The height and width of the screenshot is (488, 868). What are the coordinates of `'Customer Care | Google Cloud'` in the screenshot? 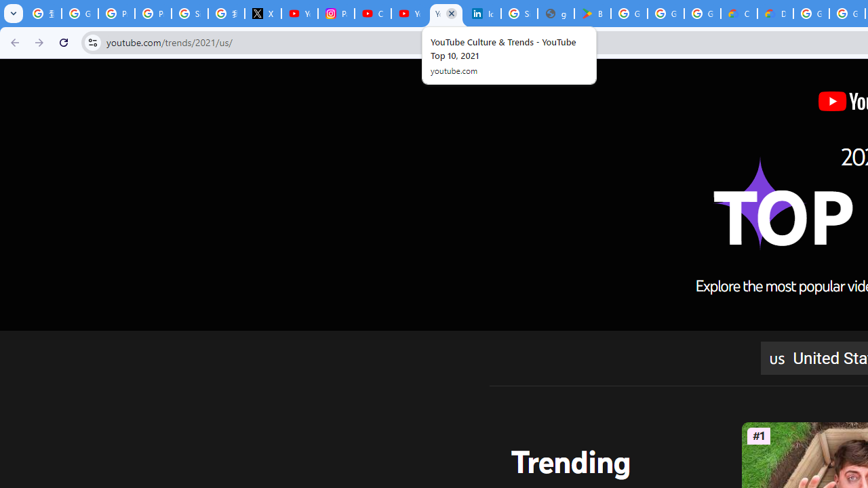 It's located at (738, 14).